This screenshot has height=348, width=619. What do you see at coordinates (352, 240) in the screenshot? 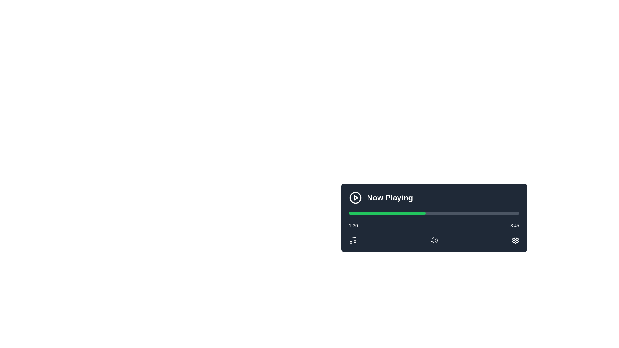
I see `the music icon represented by two quarter notes, which is the first button in a group of three icons at the bottom left corner of the audio player interface` at bounding box center [352, 240].